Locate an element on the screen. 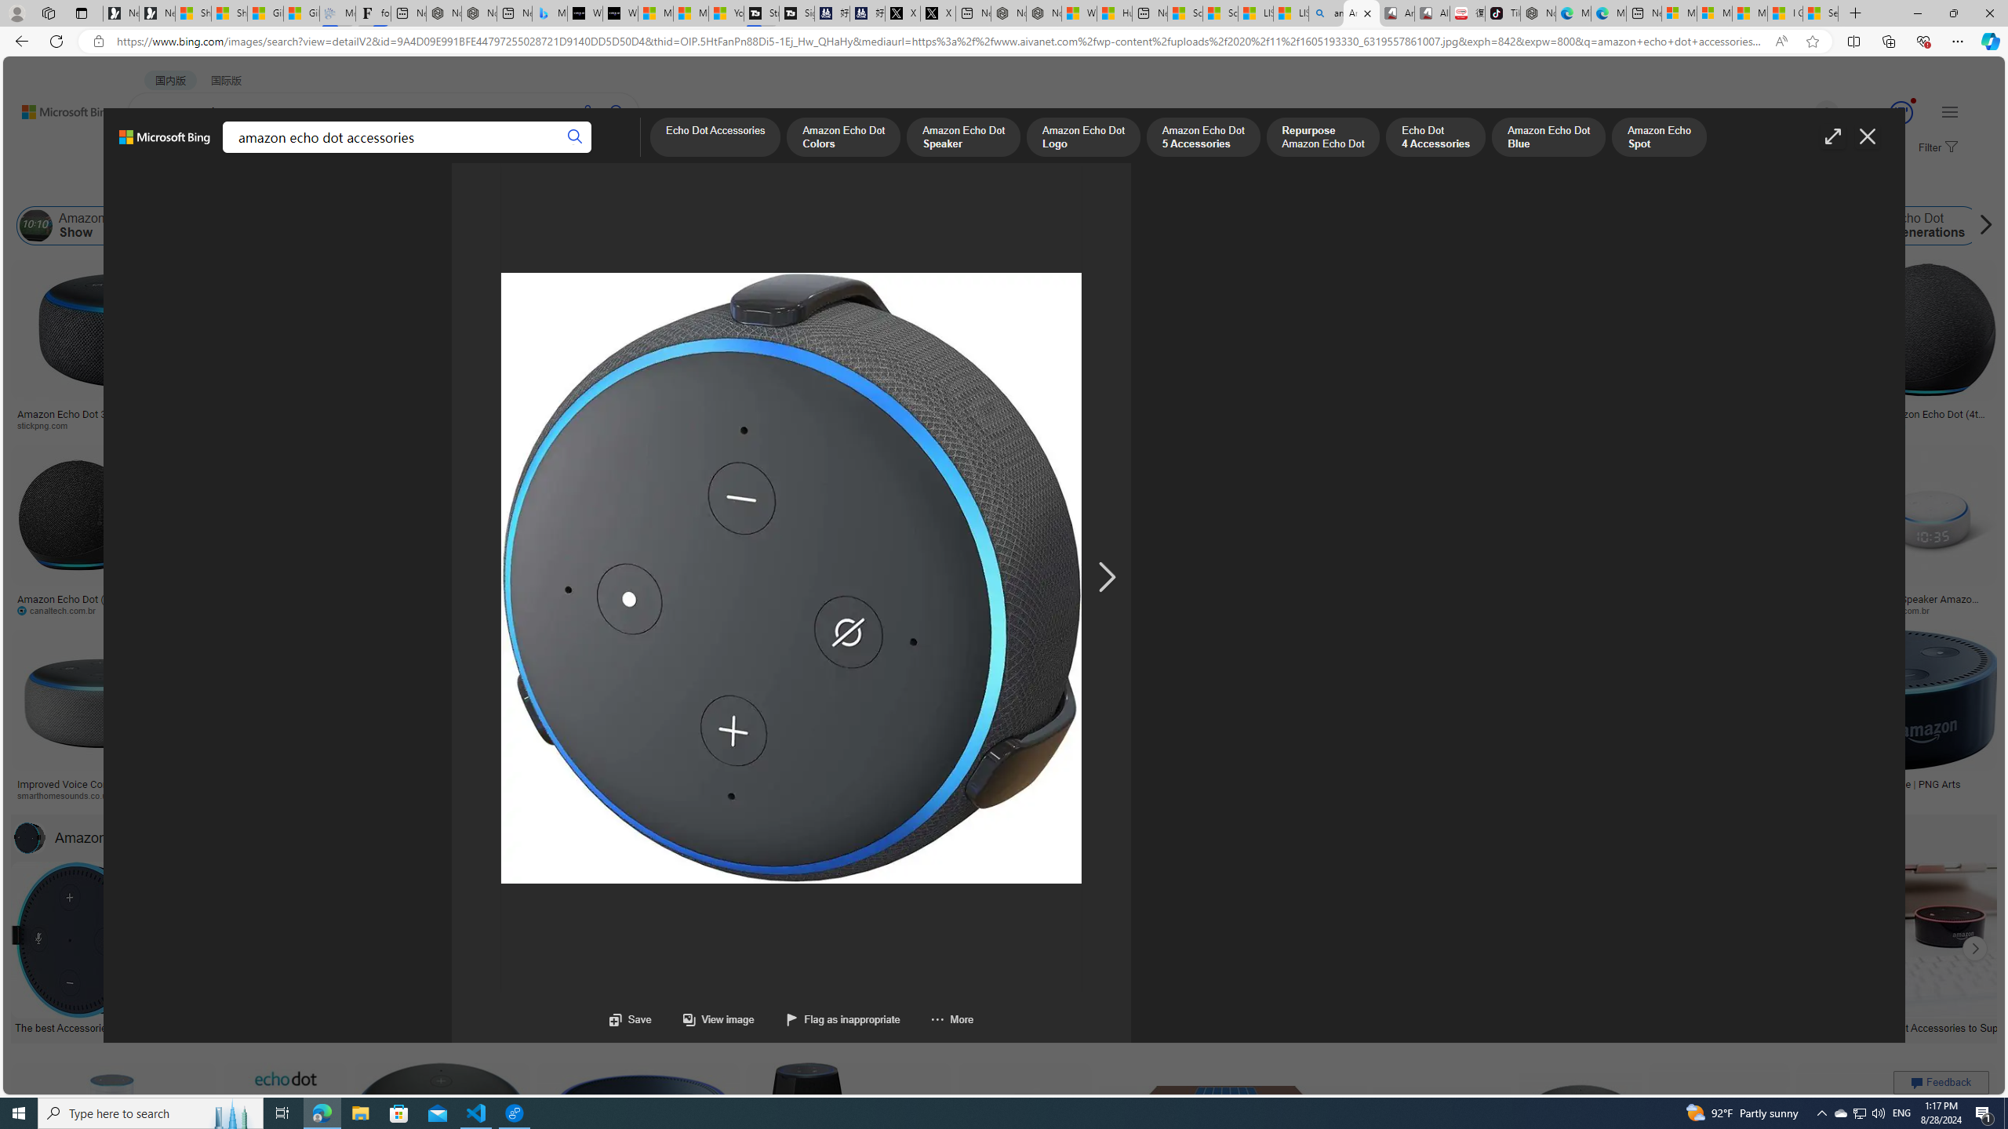  'Microsoft Rewards 147' is located at coordinates (1882, 112).